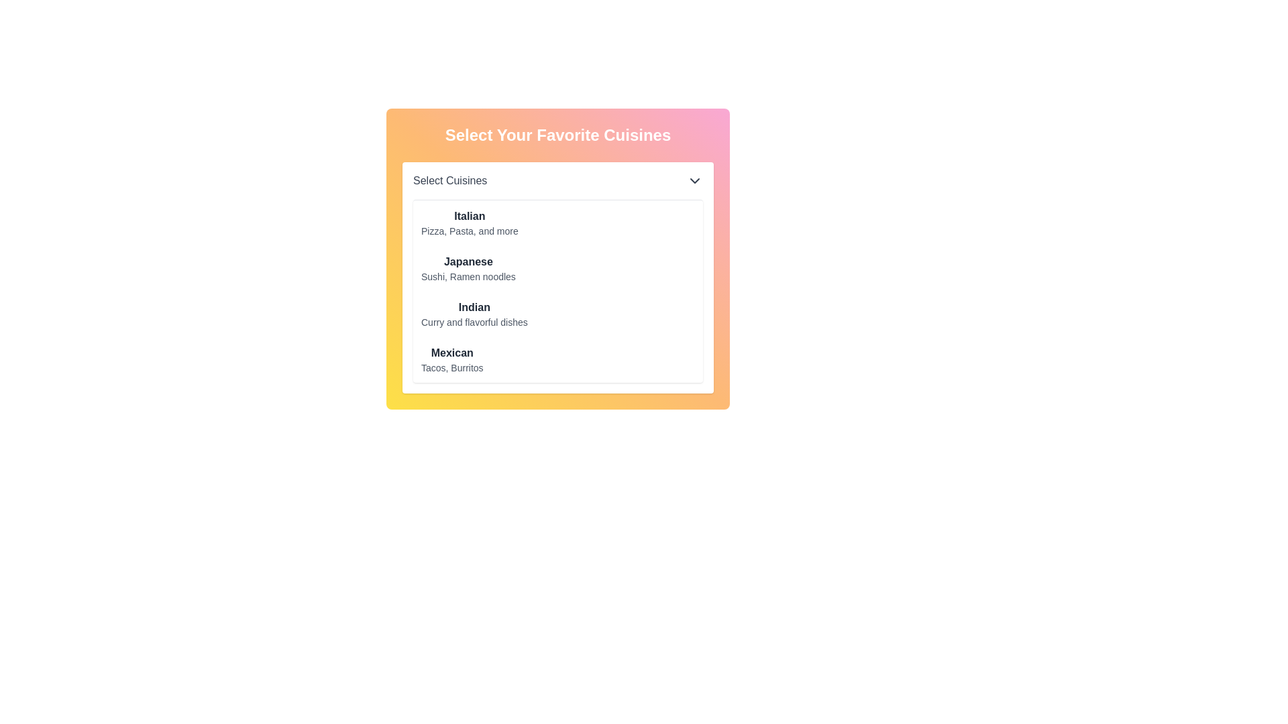  I want to click on the interactive list item that allows the user to select 'Mexican' cuisine in the dropdown list, so click(452, 359).